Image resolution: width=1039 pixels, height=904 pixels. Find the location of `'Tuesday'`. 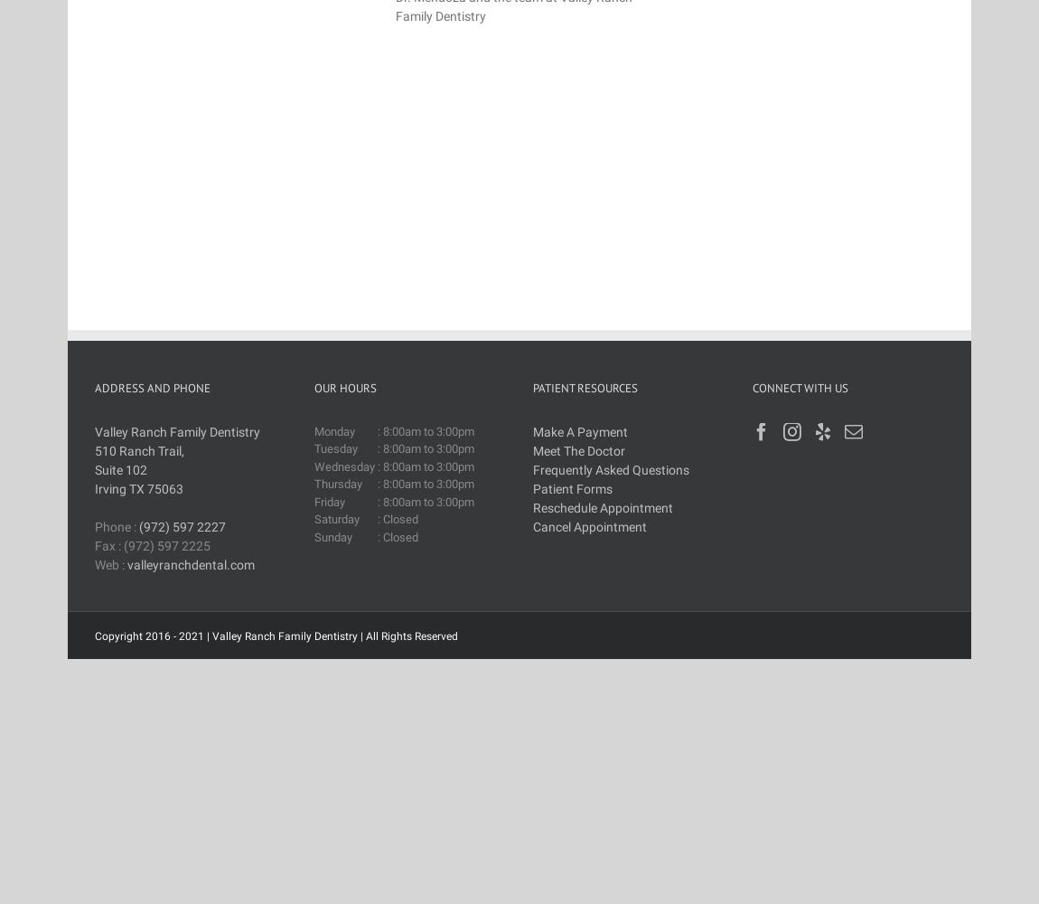

'Tuesday' is located at coordinates (334, 447).